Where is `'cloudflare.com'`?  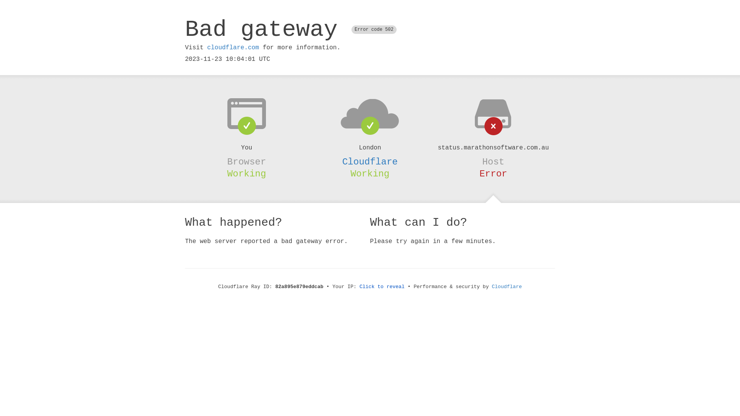 'cloudflare.com' is located at coordinates (232, 47).